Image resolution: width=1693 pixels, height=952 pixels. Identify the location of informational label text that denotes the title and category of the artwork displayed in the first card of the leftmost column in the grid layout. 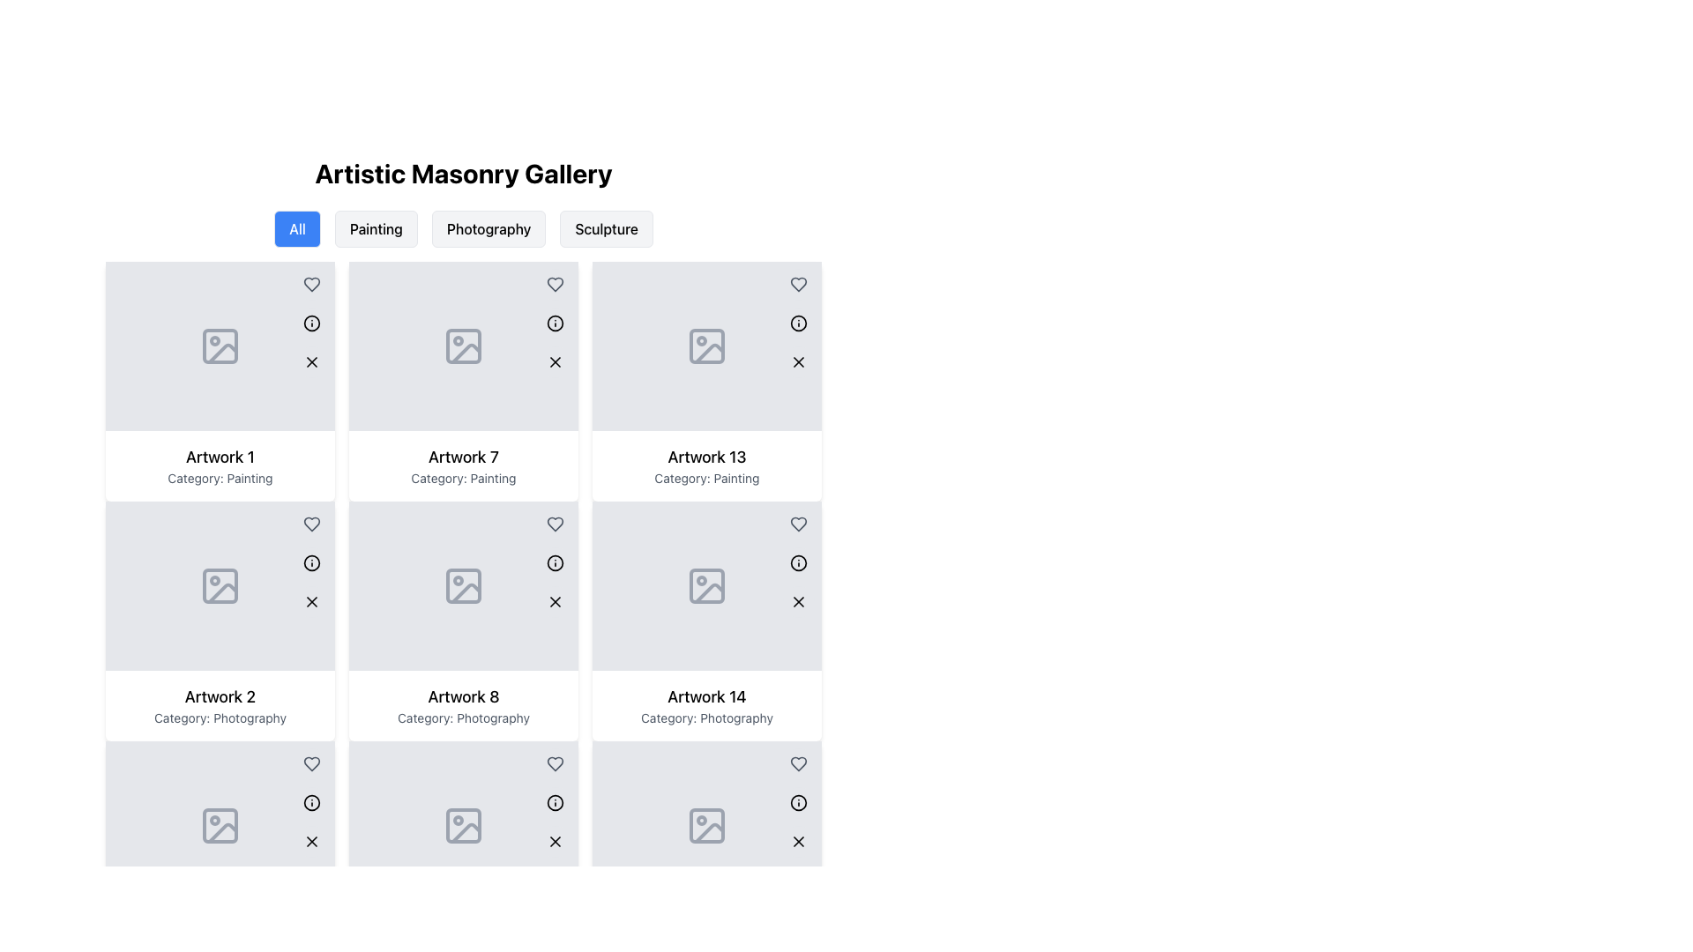
(219, 465).